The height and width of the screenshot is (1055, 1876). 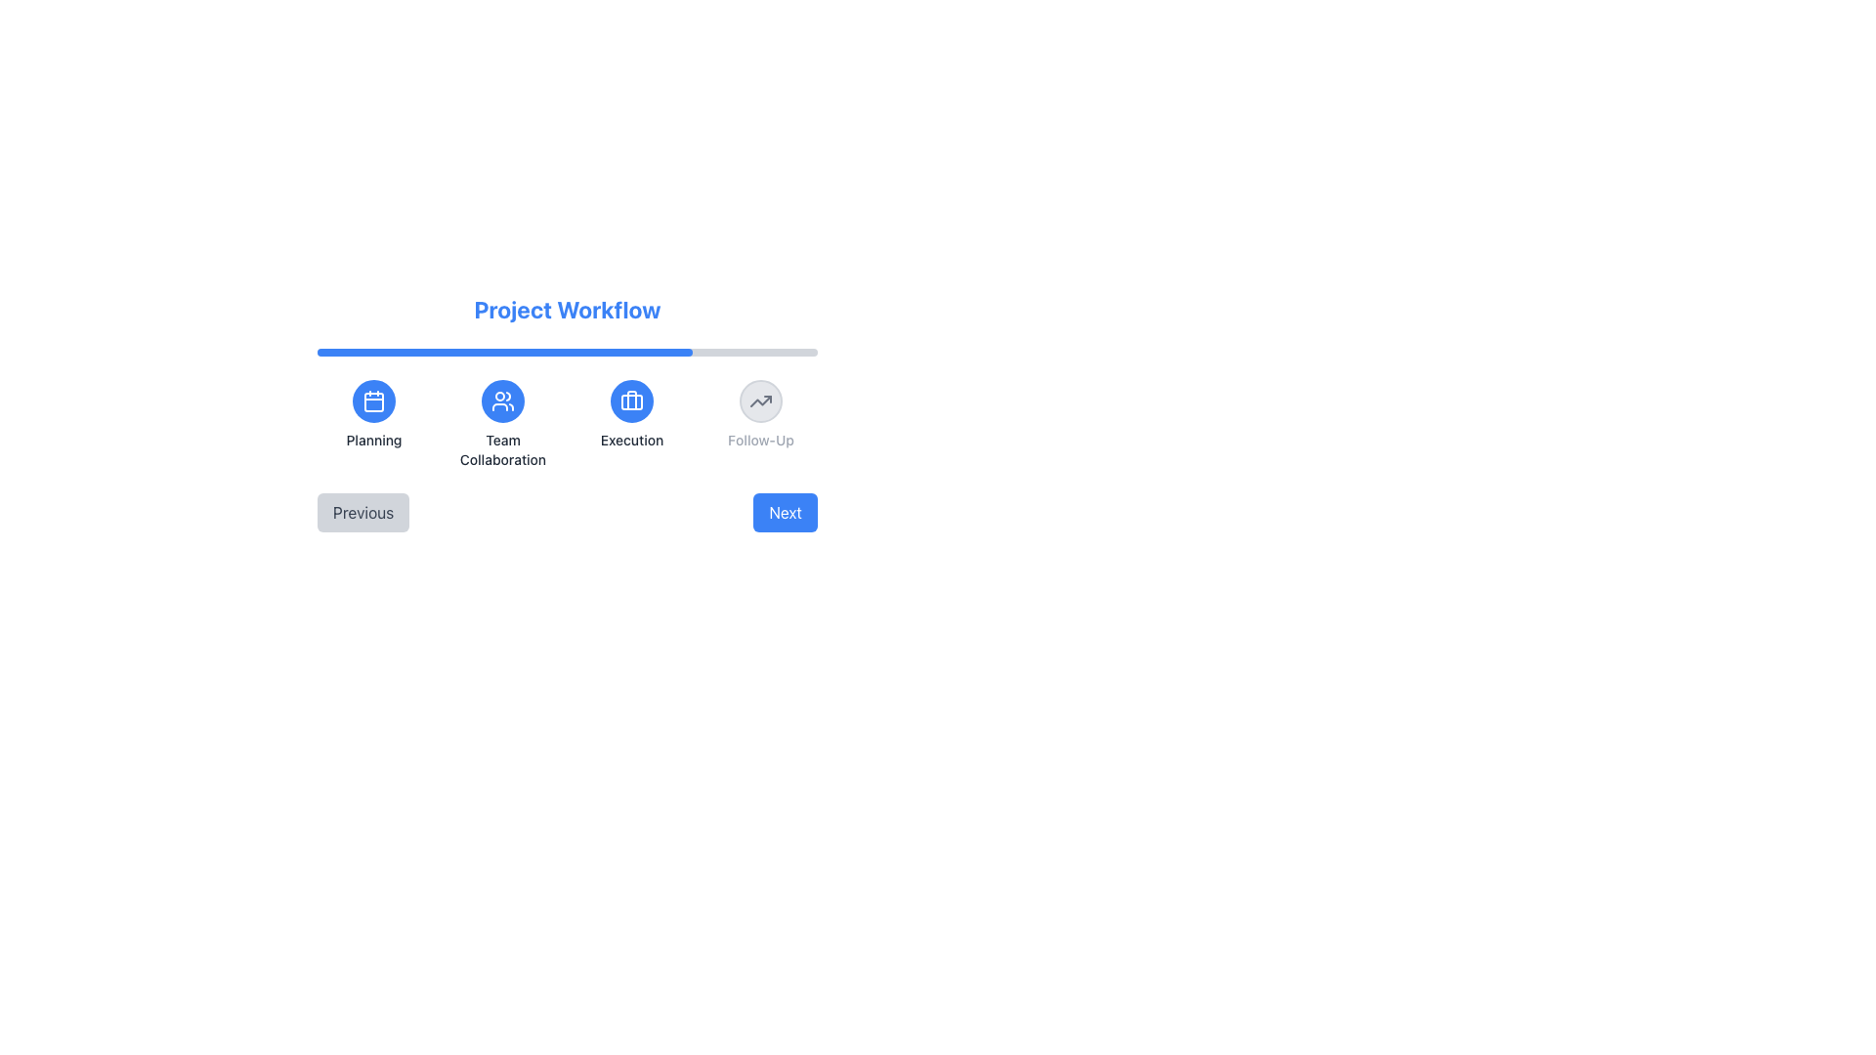 I want to click on the Informational icon representing the 'Follow-Up' stage in the workflow, located on the far right side of the grid layout, so click(x=759, y=424).